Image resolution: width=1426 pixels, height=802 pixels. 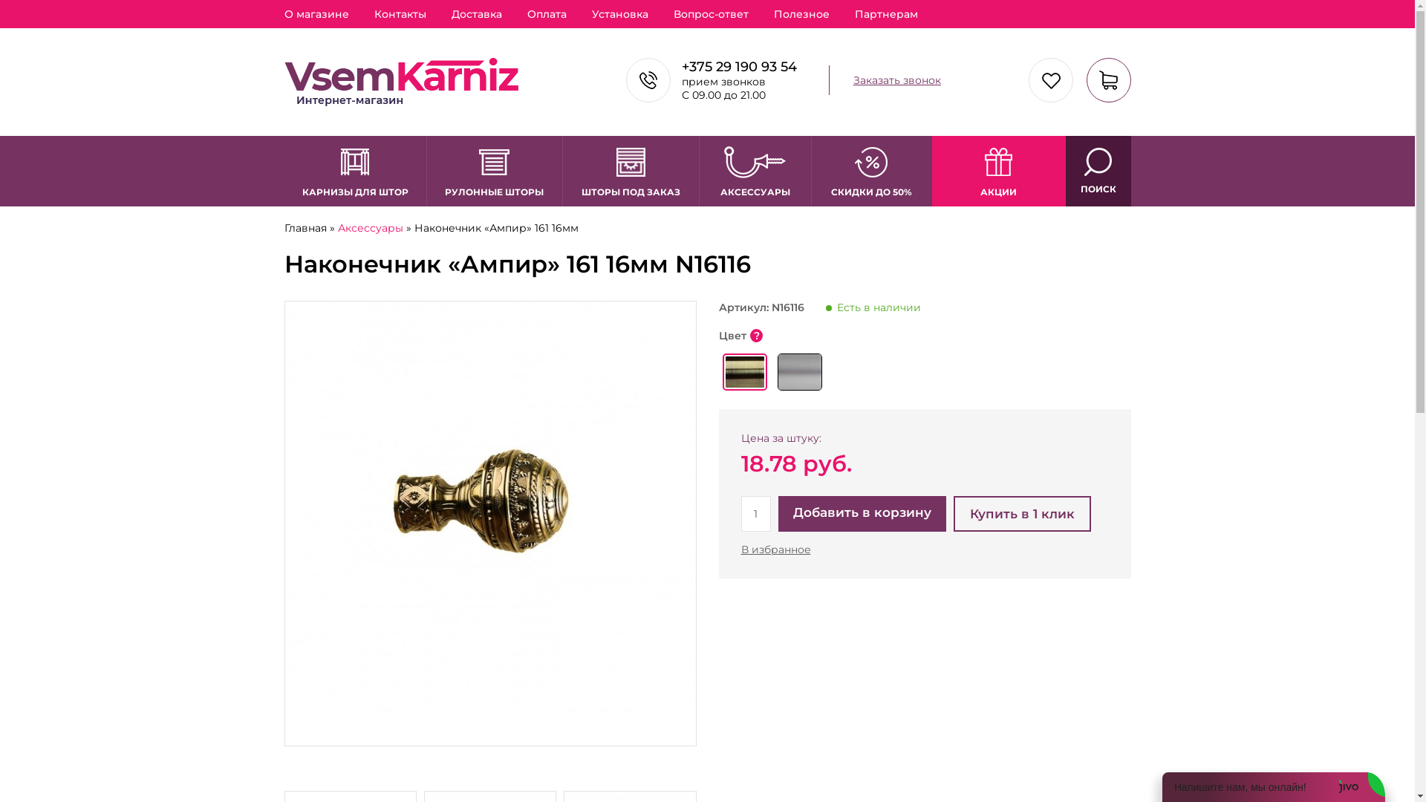 What do you see at coordinates (756, 335) in the screenshot?
I see `'?'` at bounding box center [756, 335].